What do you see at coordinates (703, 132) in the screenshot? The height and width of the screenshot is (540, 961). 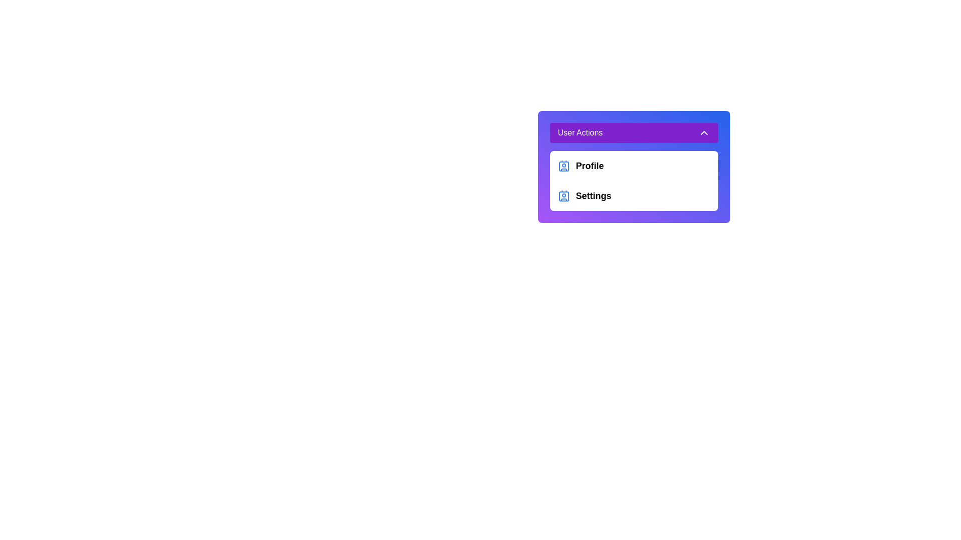 I see `the upward-pointing chevron icon within the purple 'User Actions' header` at bounding box center [703, 132].